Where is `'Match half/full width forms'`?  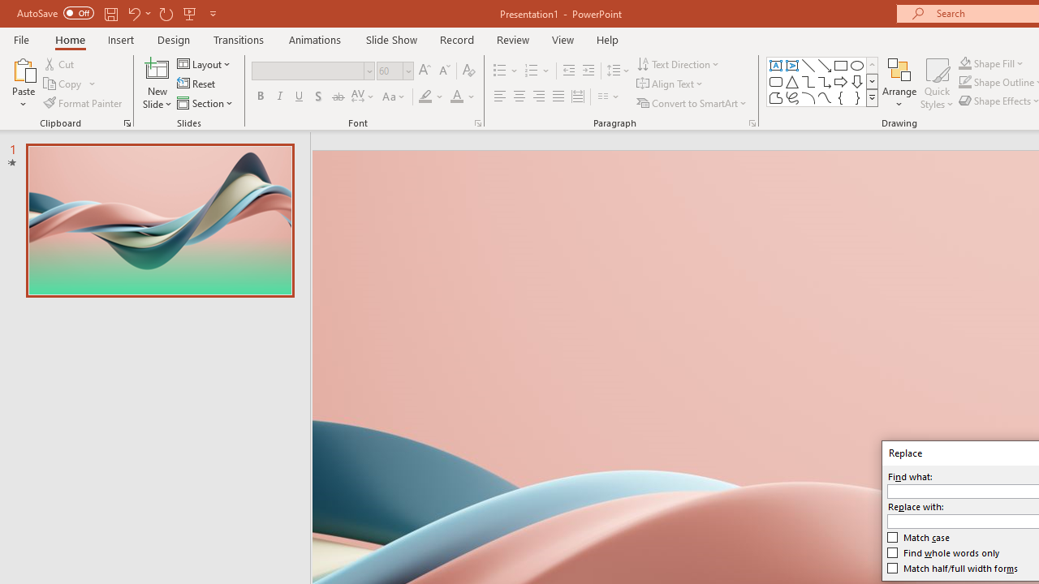
'Match half/full width forms' is located at coordinates (953, 567).